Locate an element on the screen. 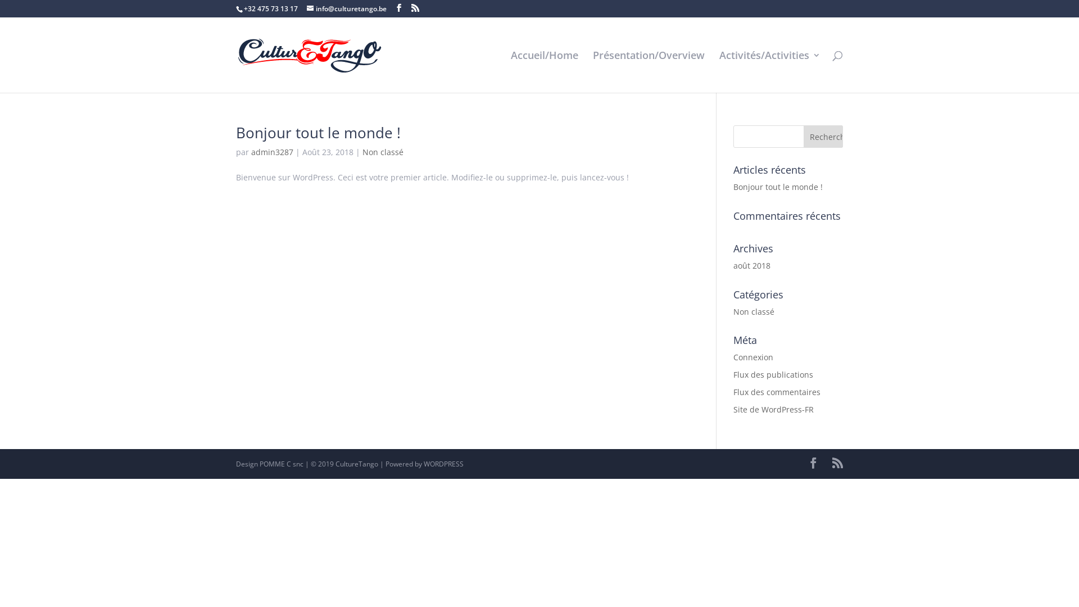 Image resolution: width=1079 pixels, height=607 pixels. 'admin3287' is located at coordinates (272, 152).